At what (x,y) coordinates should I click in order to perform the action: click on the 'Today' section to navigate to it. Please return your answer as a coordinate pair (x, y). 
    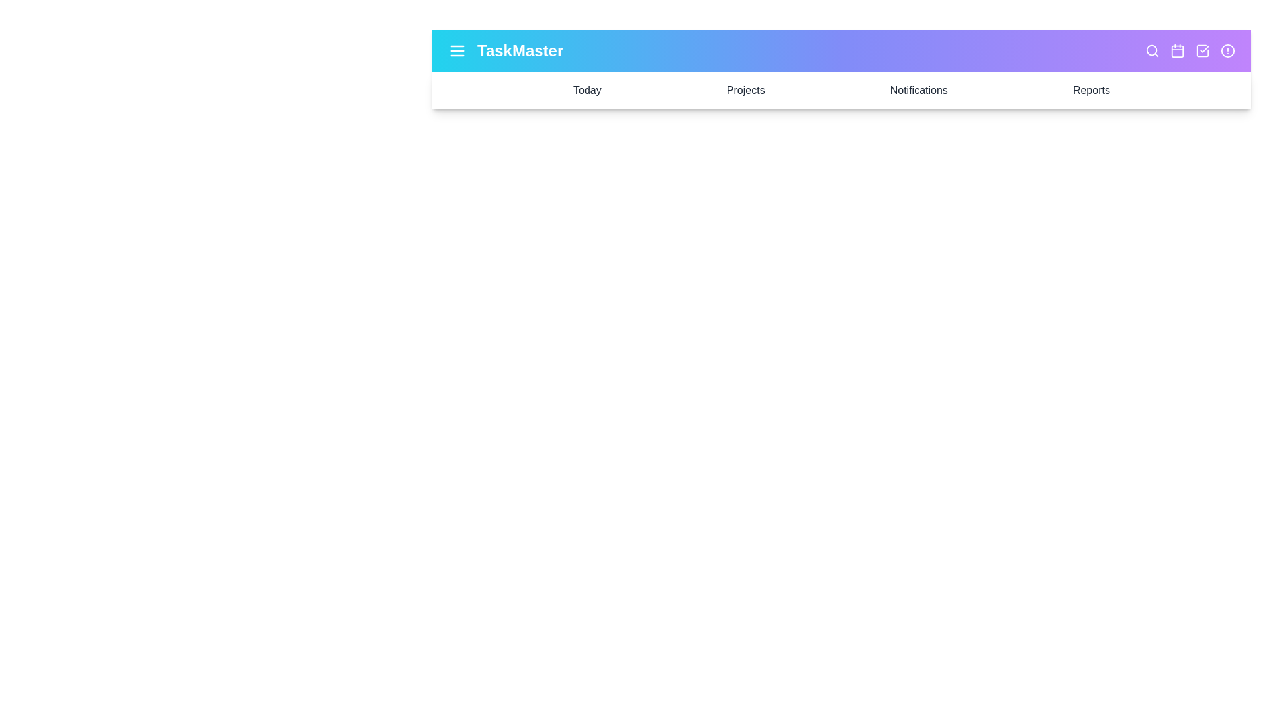
    Looking at the image, I should click on (587, 90).